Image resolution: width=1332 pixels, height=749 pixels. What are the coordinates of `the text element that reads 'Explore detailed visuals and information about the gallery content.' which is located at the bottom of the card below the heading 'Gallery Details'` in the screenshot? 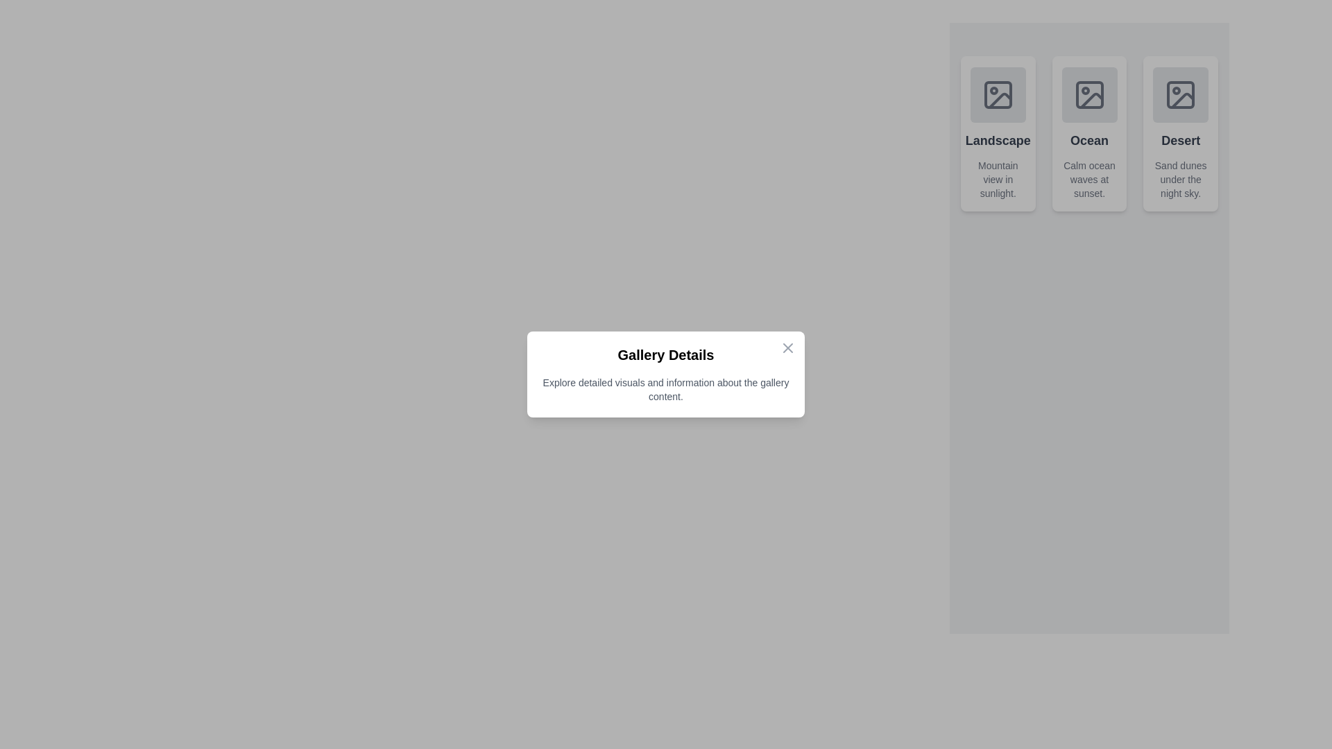 It's located at (666, 390).